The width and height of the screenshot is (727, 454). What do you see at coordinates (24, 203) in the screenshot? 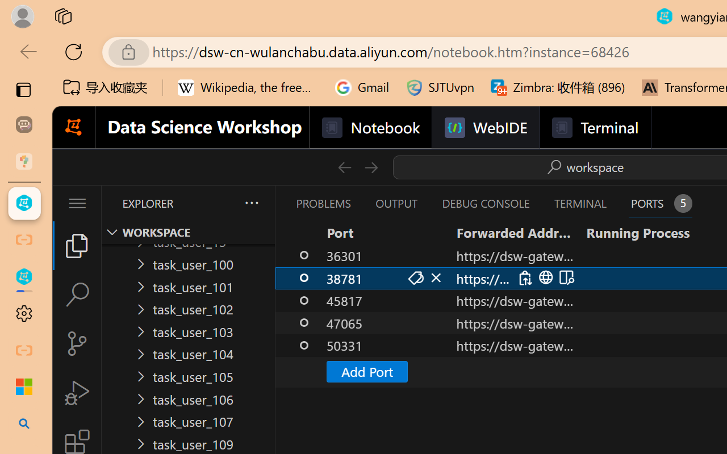
I see `'wangyian_dsw - DSW'` at bounding box center [24, 203].